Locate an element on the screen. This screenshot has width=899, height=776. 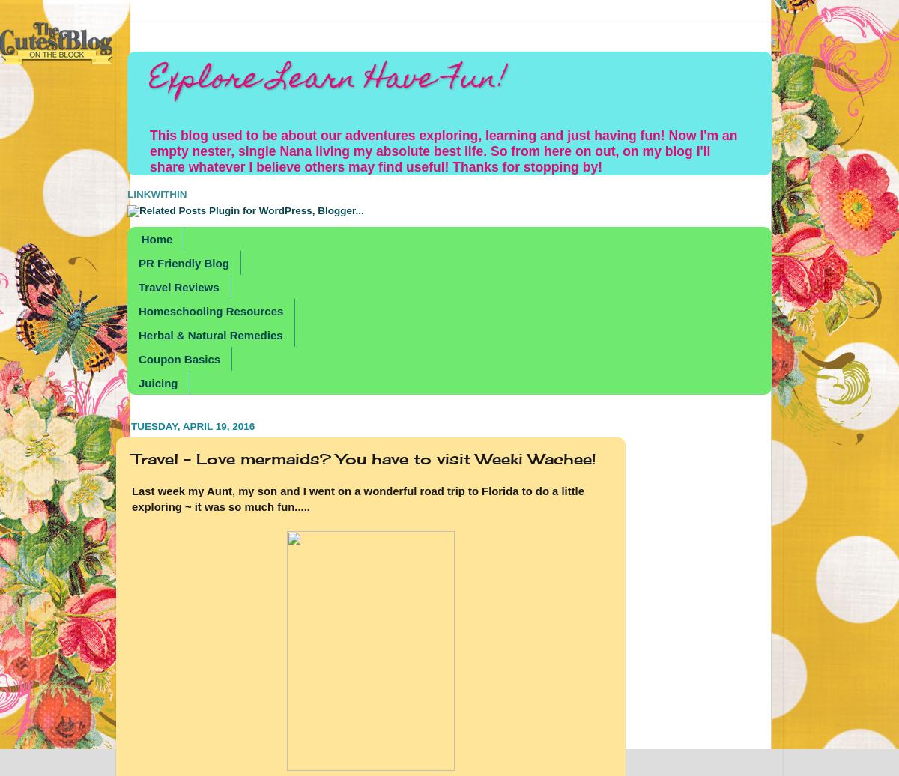
'Last week my Aunt, my son and I went on a wonderful road trip to Florida to do a little exploring ~ it was so much fun.....' is located at coordinates (357, 499).